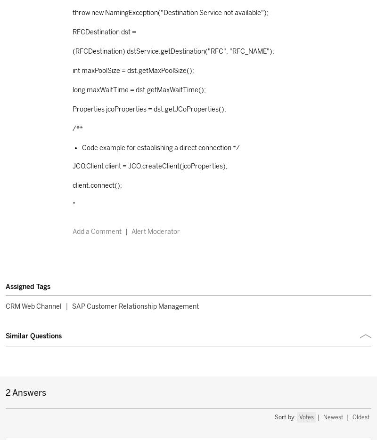 The width and height of the screenshot is (377, 440). Describe the element at coordinates (149, 165) in the screenshot. I see `'JCO.Client client = JCO.createClient(jcoProperties);'` at that location.